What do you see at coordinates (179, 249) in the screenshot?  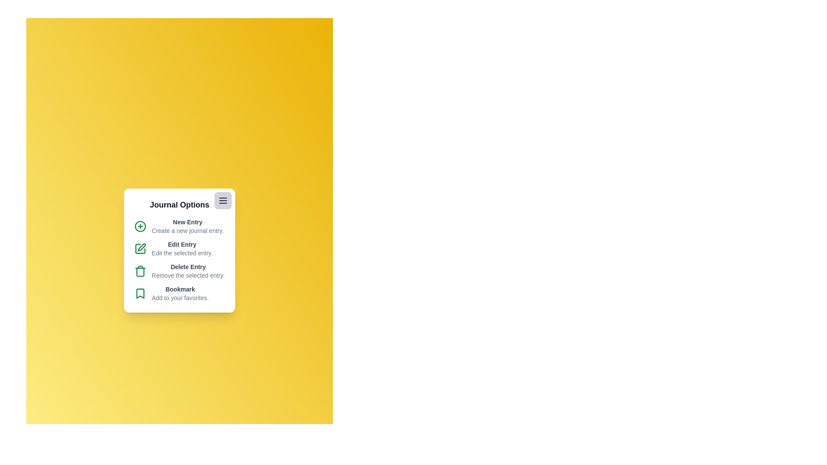 I see `the 'Edit Entry' option in the menu to activate its functionality` at bounding box center [179, 249].